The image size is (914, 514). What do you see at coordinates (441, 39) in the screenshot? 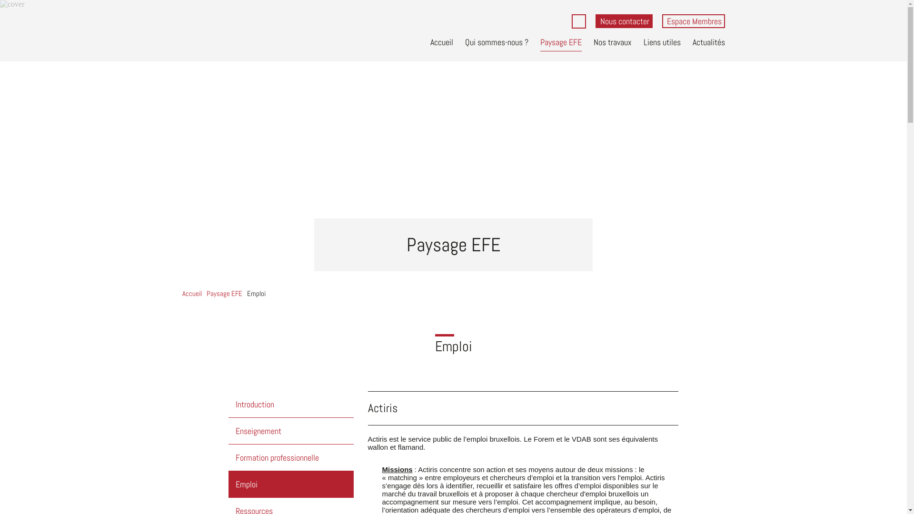
I see `'Accueil'` at bounding box center [441, 39].